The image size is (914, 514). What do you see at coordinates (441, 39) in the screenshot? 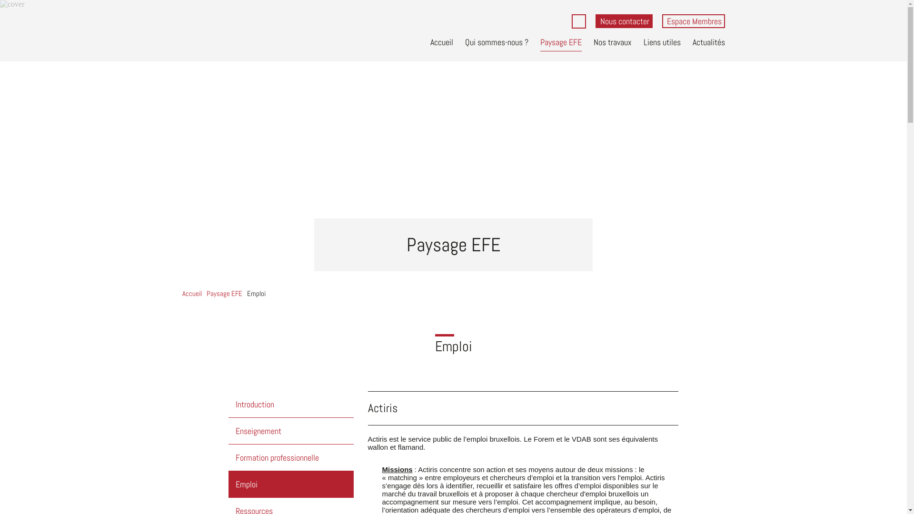
I see `'Accueil'` at bounding box center [441, 39].